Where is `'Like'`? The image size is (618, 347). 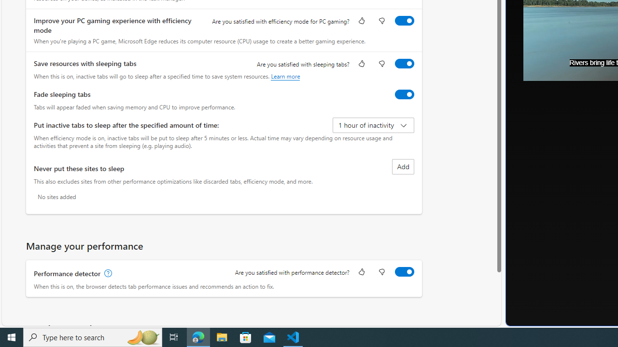
'Like' is located at coordinates (361, 272).